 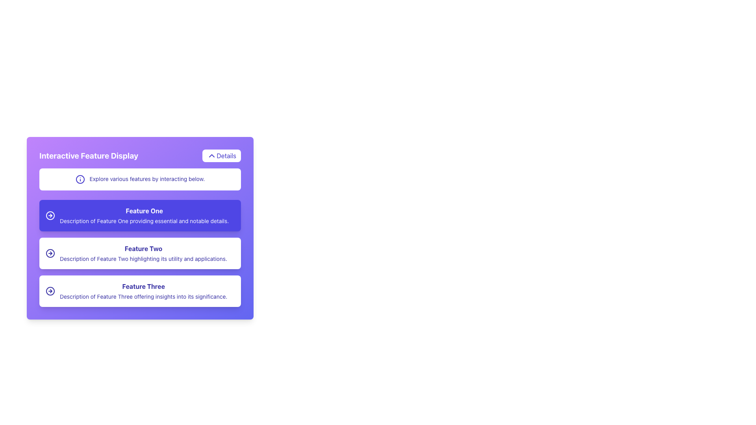 What do you see at coordinates (140, 291) in the screenshot?
I see `the third list item labeled 'Feature Three' containing an icon of a forward arrow and text describing its significance` at bounding box center [140, 291].